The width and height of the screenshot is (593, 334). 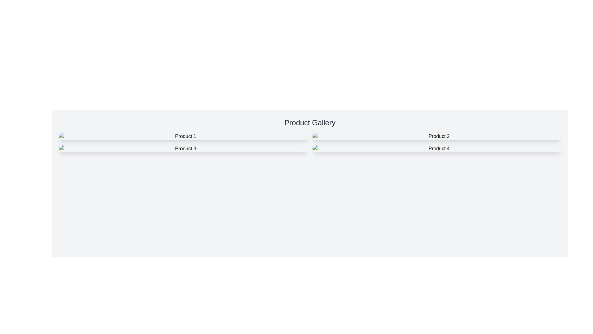 What do you see at coordinates (436, 136) in the screenshot?
I see `the grid item displaying 'Product 2' in the 'Product Gallery'` at bounding box center [436, 136].